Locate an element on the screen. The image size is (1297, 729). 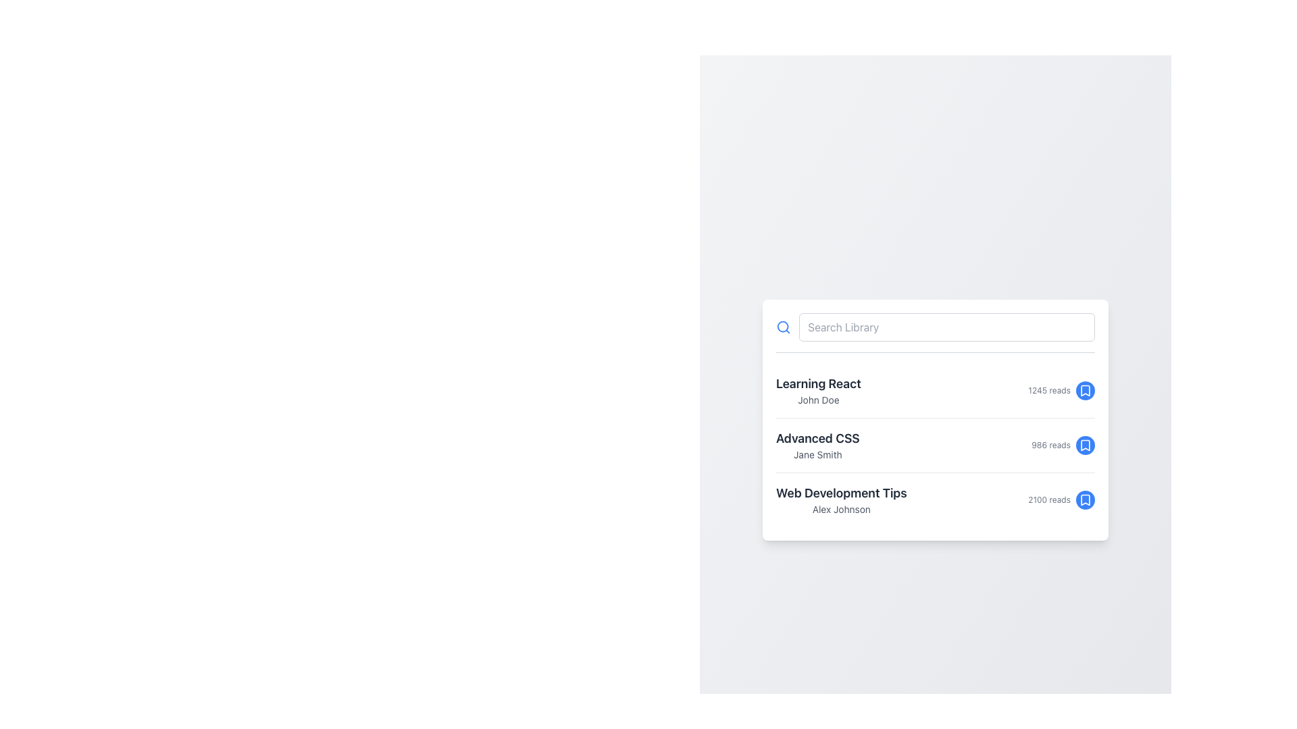
the blue bookmark icon located at the rightmost end of the 'Advanced CSS' list item to bookmark the item is located at coordinates (1086, 445).